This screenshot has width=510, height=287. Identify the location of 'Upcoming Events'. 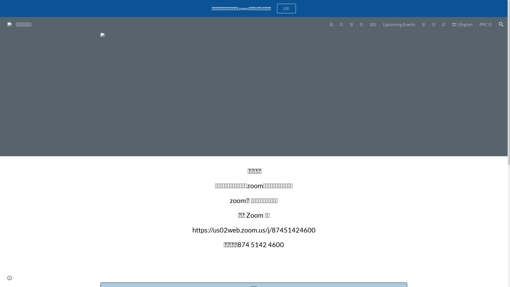
(399, 24).